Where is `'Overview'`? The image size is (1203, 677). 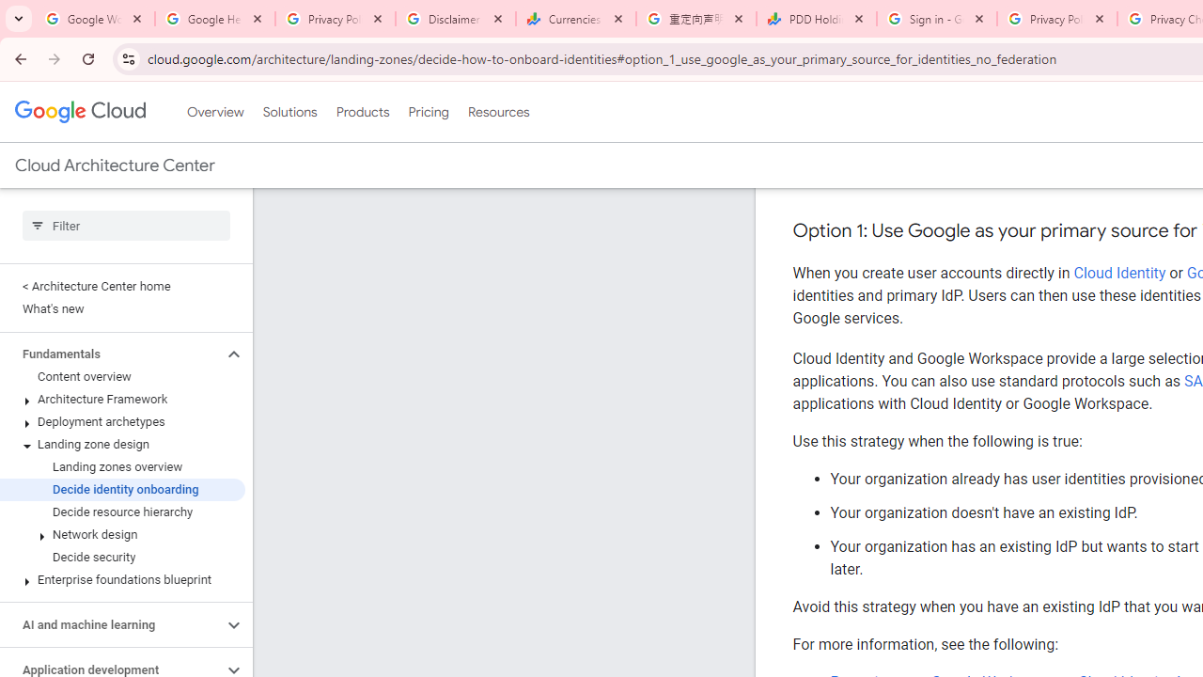 'Overview' is located at coordinates (215, 112).